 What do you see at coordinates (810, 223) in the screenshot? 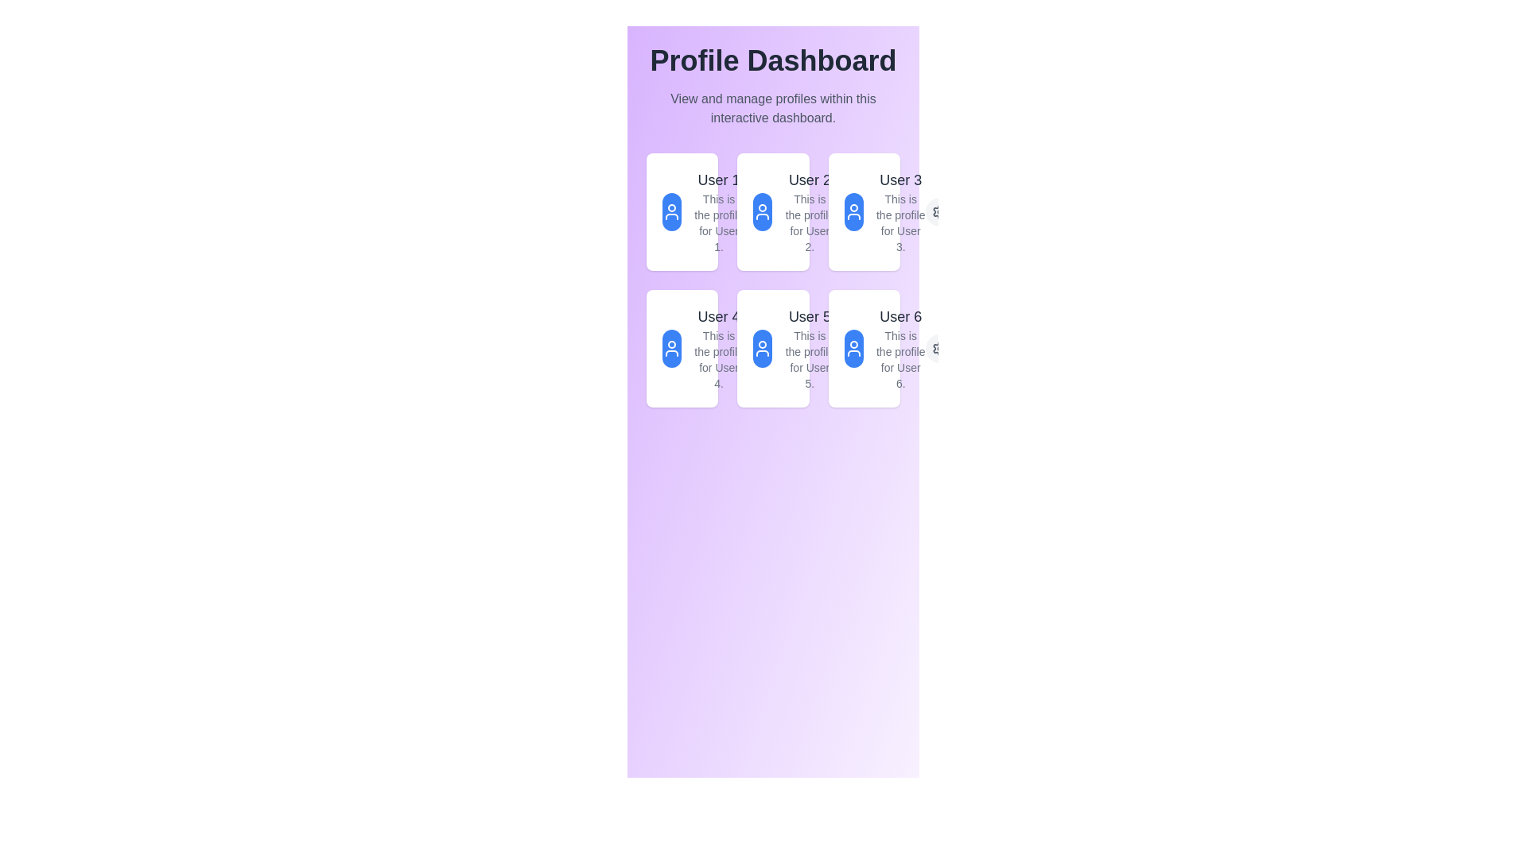
I see `the text snippet reading 'This is the profile for User 2.' which is located under the 'User 2' title in the profile card` at bounding box center [810, 223].